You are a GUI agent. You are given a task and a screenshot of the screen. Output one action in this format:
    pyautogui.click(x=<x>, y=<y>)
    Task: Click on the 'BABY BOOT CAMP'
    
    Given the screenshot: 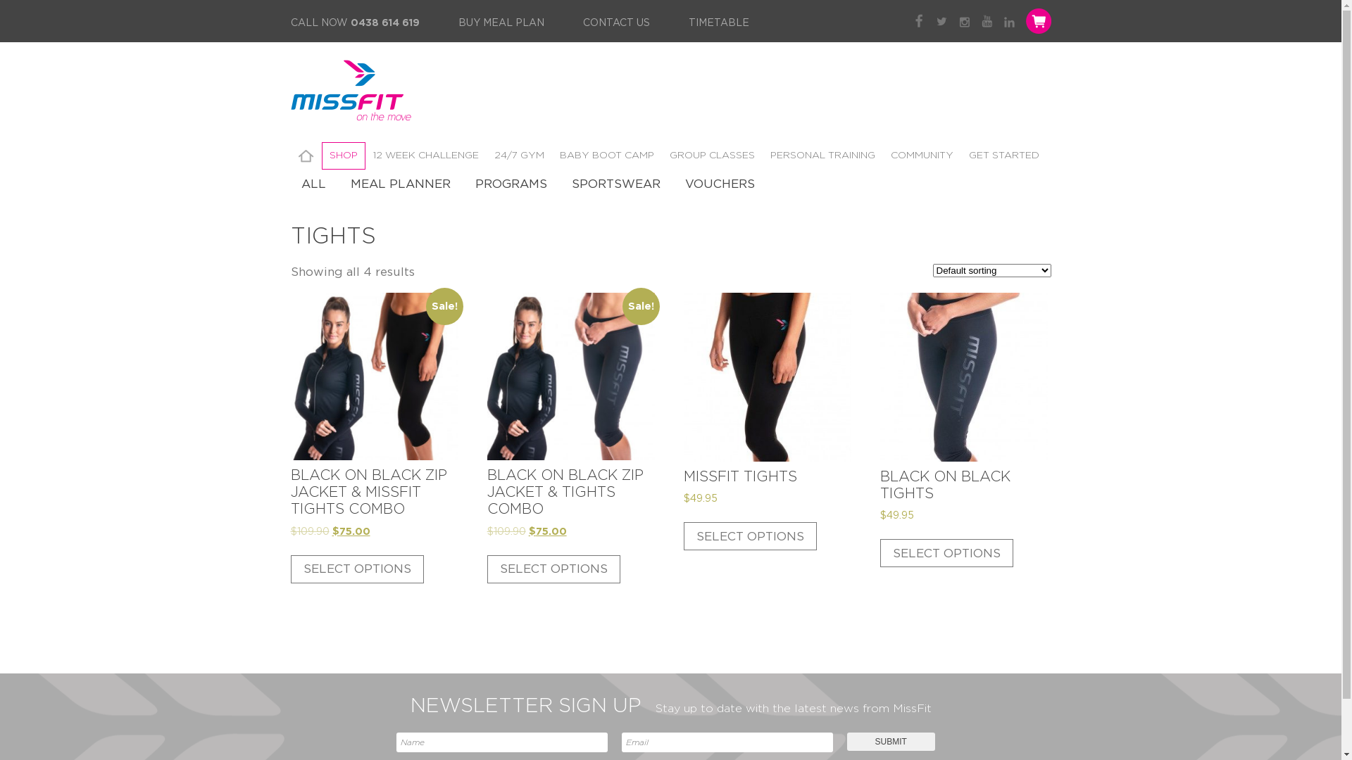 What is the action you would take?
    pyautogui.click(x=607, y=156)
    